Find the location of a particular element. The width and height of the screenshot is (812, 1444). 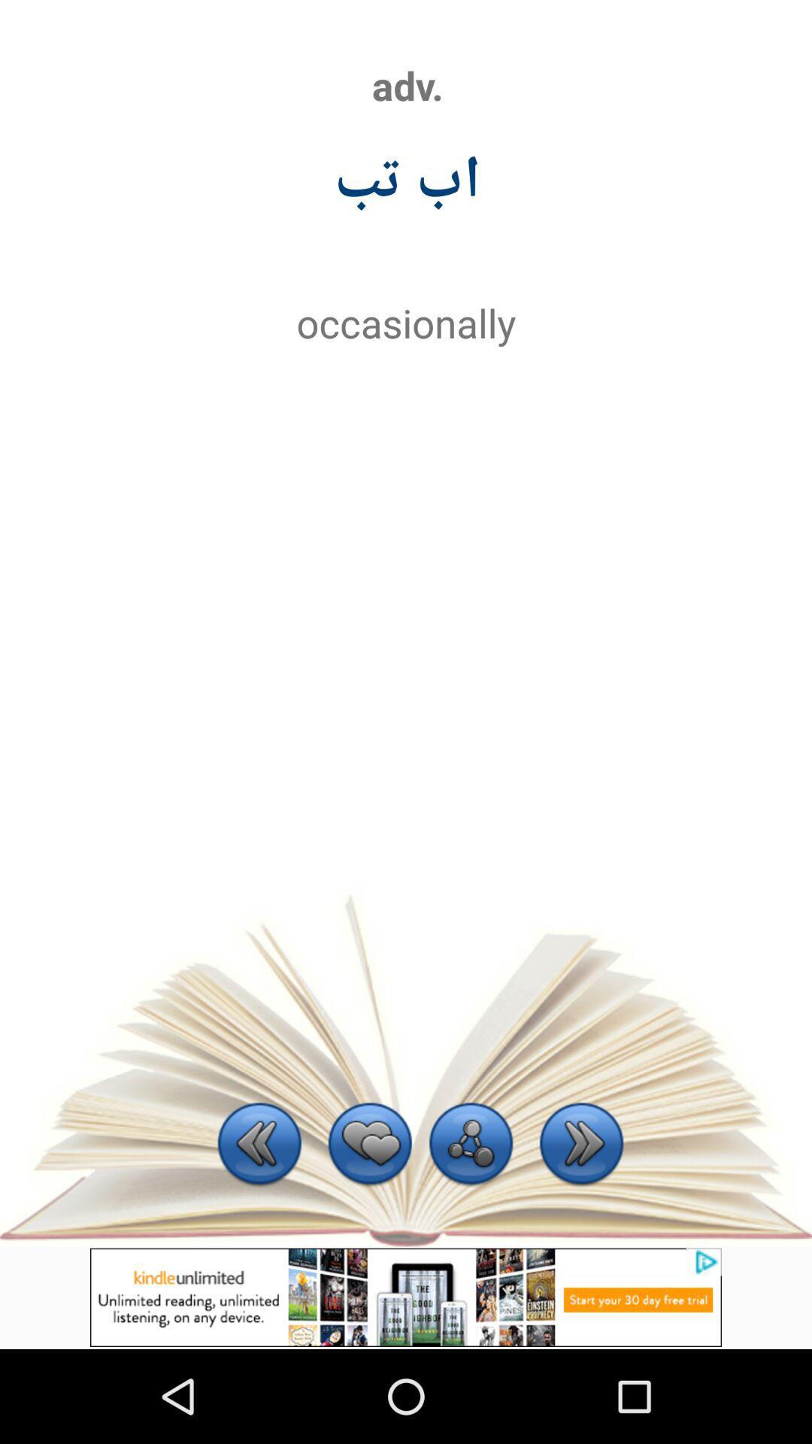

next is located at coordinates (580, 1145).